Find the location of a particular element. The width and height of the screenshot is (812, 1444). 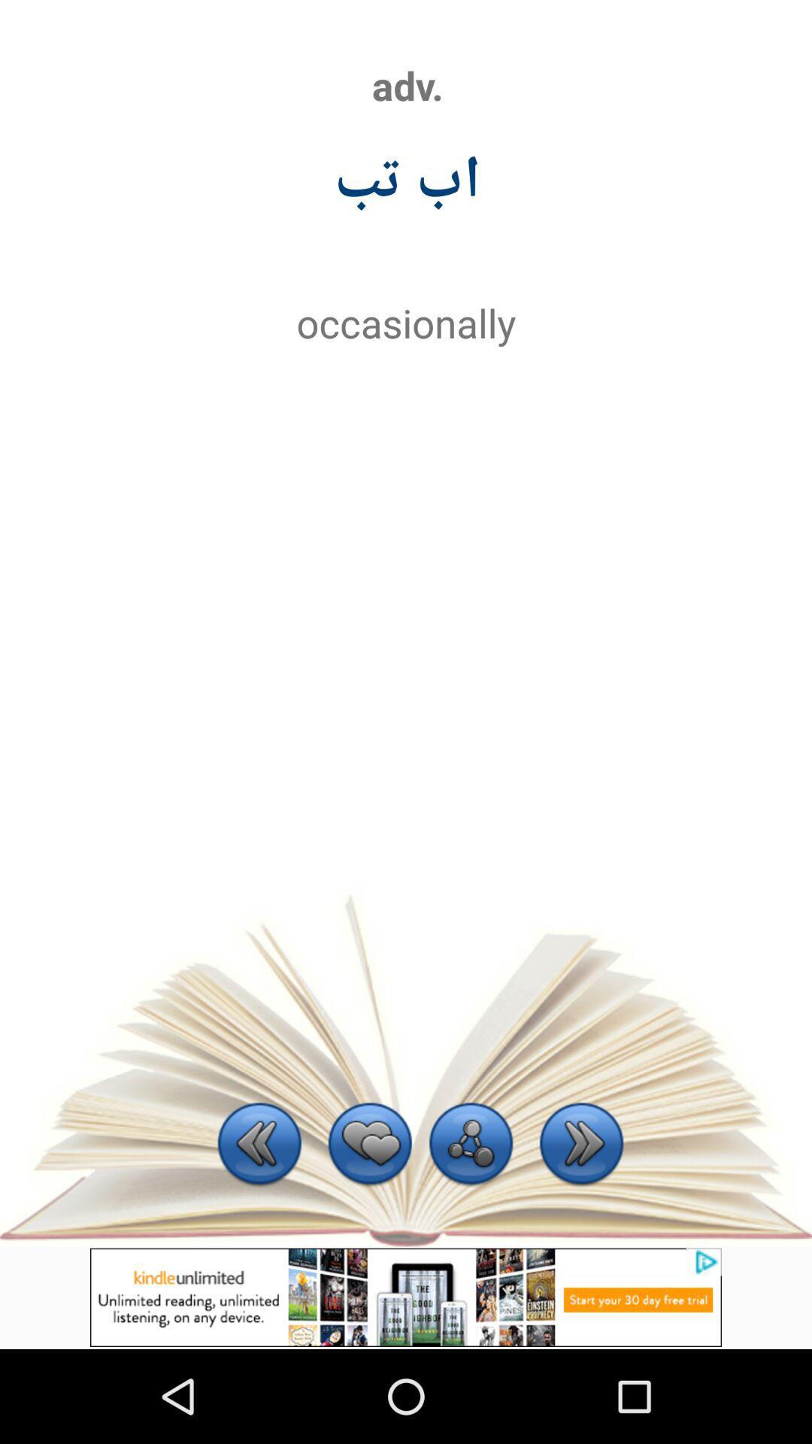

next is located at coordinates (580, 1145).